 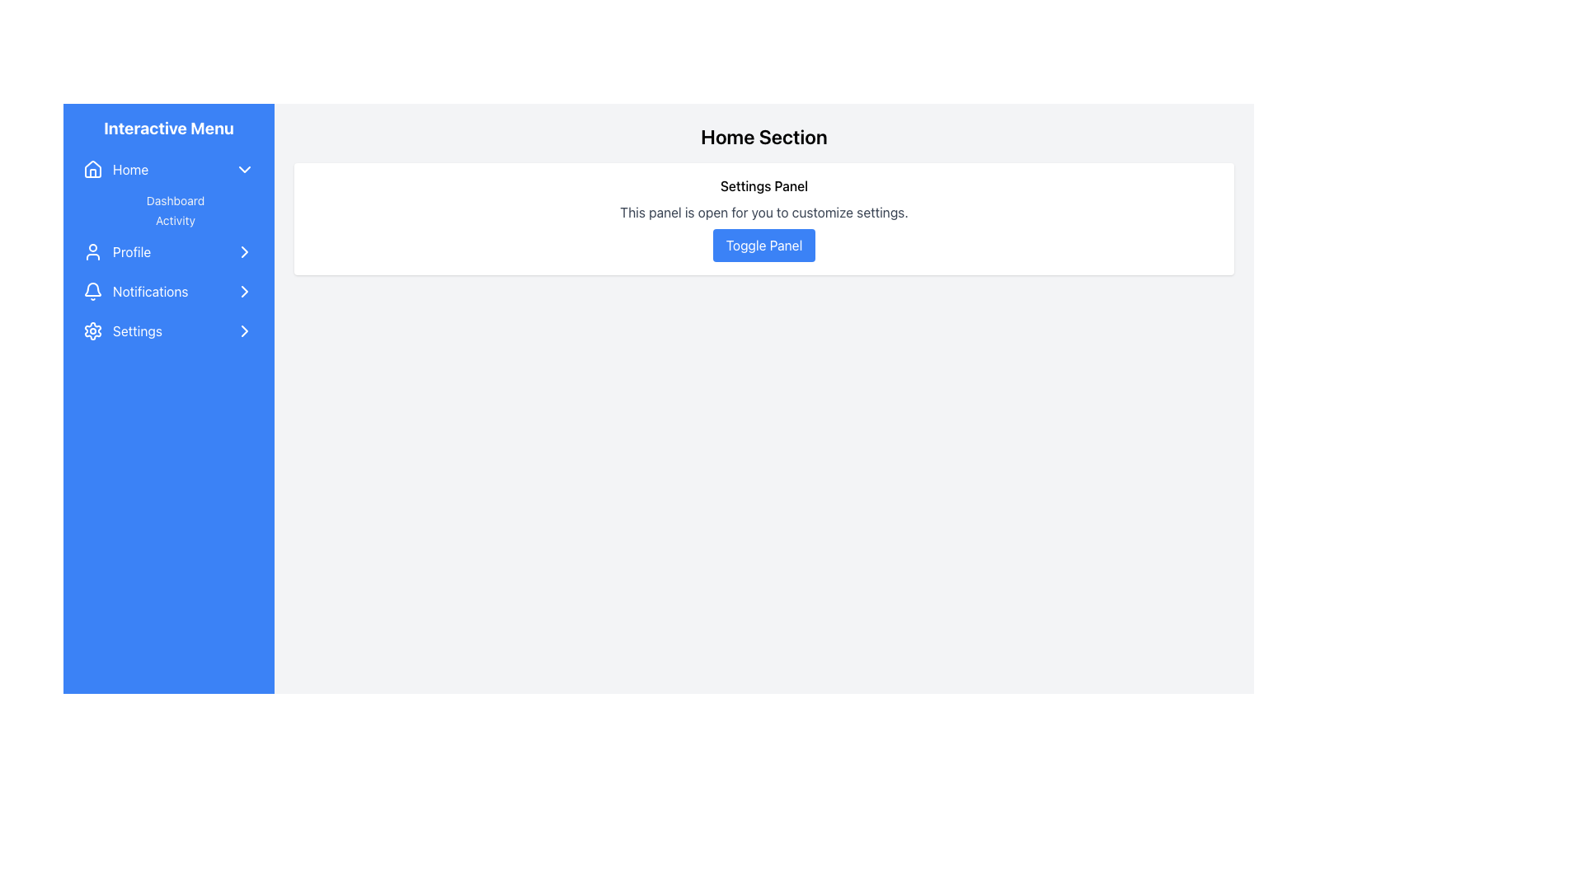 What do you see at coordinates (244, 291) in the screenshot?
I see `the small, right-facing chevron icon with a blue background, positioned to the right of the 'Notifications' menu item` at bounding box center [244, 291].